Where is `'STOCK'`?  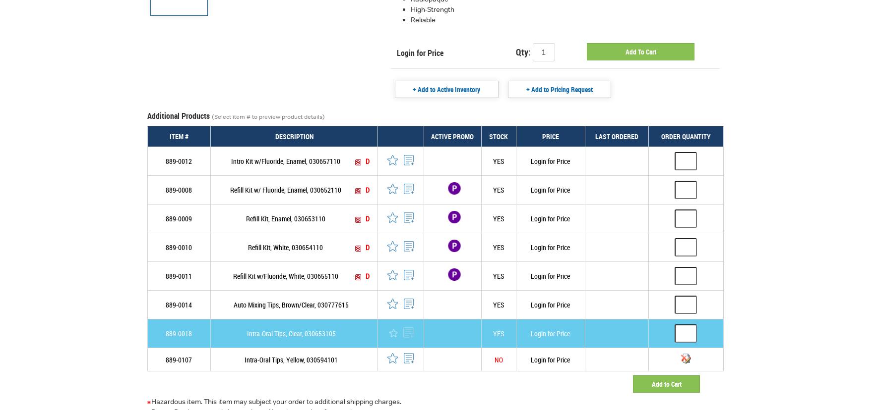
'STOCK' is located at coordinates (498, 136).